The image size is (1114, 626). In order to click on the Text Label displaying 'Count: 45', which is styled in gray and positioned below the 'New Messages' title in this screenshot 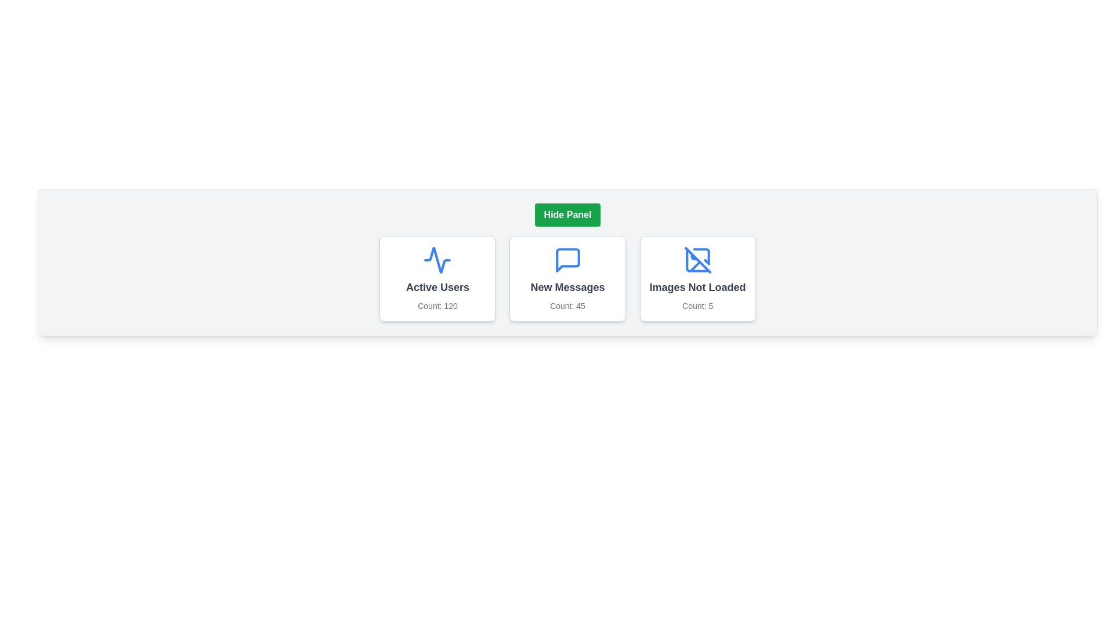, I will do `click(567, 305)`.